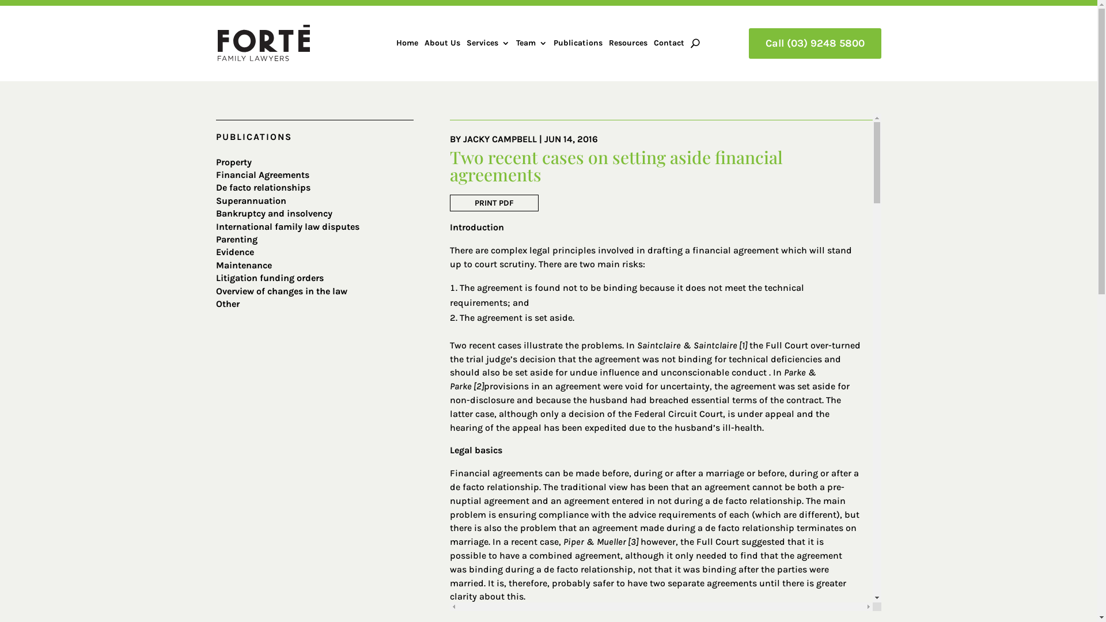 Image resolution: width=1106 pixels, height=622 pixels. What do you see at coordinates (243, 265) in the screenshot?
I see `'Maintenance'` at bounding box center [243, 265].